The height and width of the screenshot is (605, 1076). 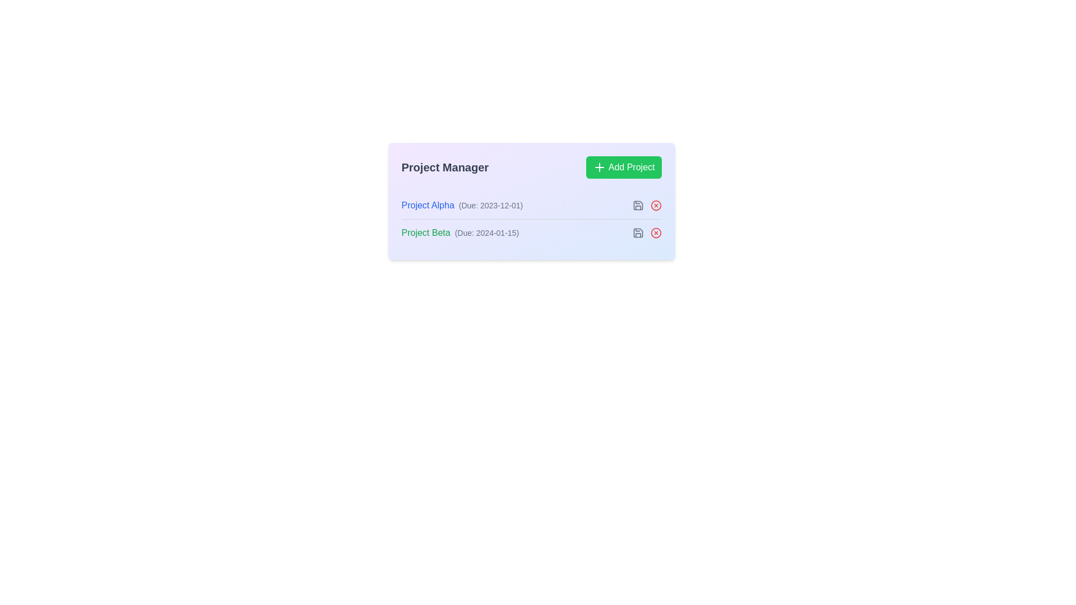 What do you see at coordinates (647, 205) in the screenshot?
I see `the right icon of the interactive group that represents a delete operation, located to the far right of the text 'Project Alpha (Due: 2023-12-01)'` at bounding box center [647, 205].